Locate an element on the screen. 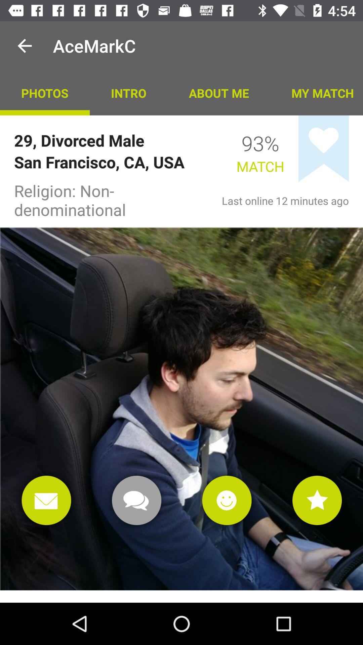 This screenshot has height=645, width=363. the item above 93% is located at coordinates (219, 92).